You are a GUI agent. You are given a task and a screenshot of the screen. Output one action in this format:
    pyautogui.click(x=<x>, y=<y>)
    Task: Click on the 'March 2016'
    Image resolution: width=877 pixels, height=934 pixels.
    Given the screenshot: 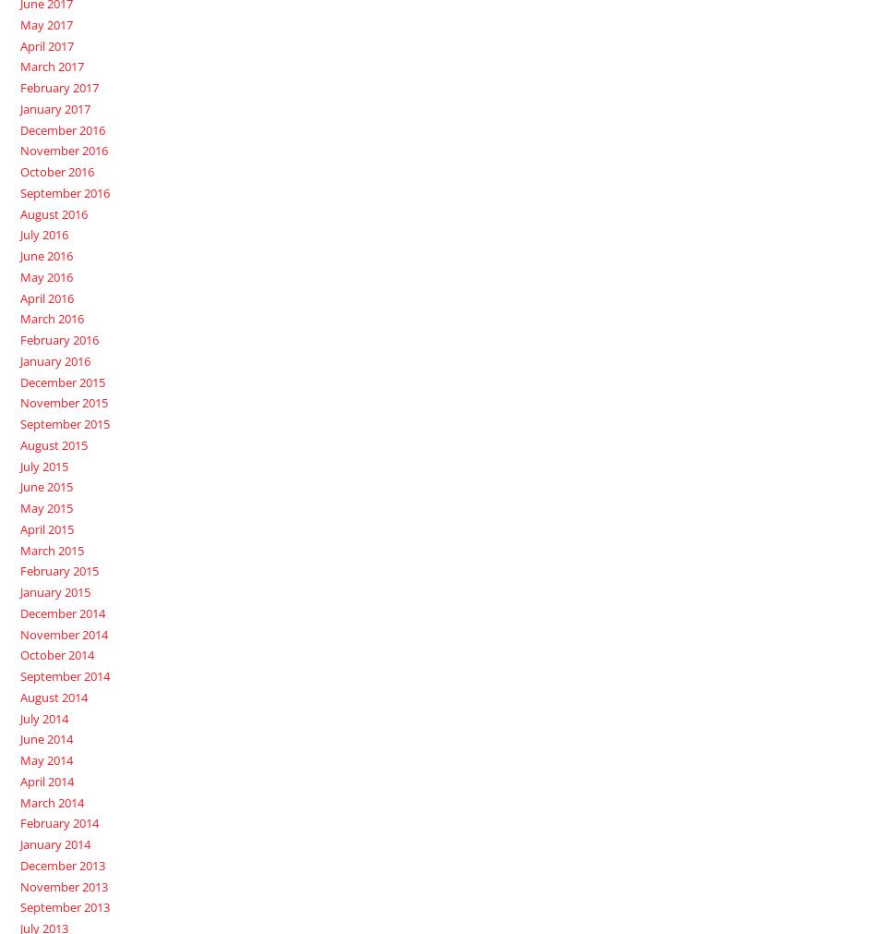 What is the action you would take?
    pyautogui.click(x=51, y=317)
    